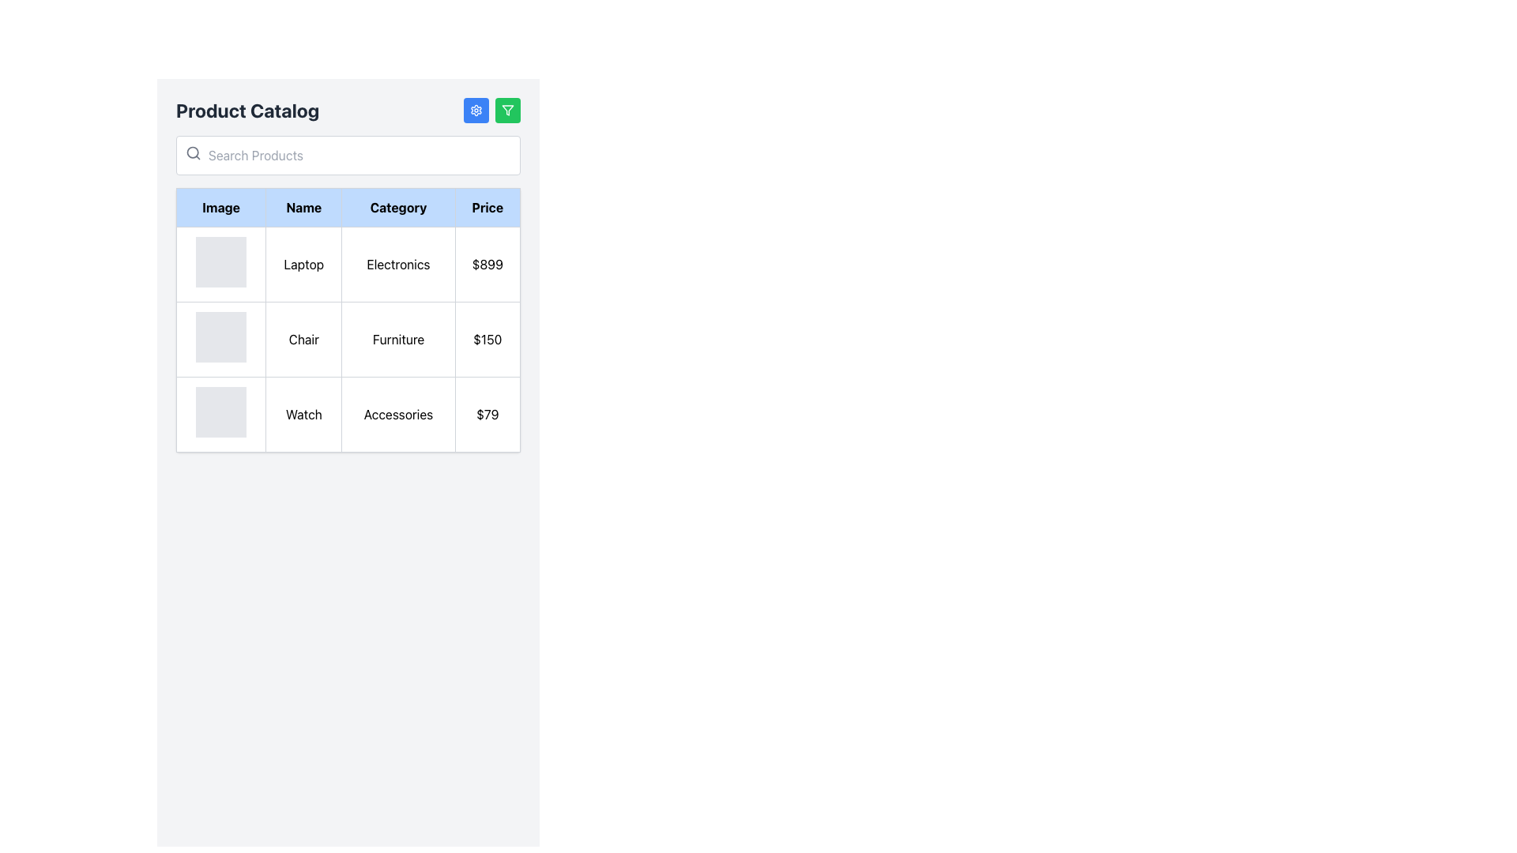 The width and height of the screenshot is (1517, 853). Describe the element at coordinates (303, 264) in the screenshot. I see `the text label displaying 'Laptop' in the second column of the table` at that location.